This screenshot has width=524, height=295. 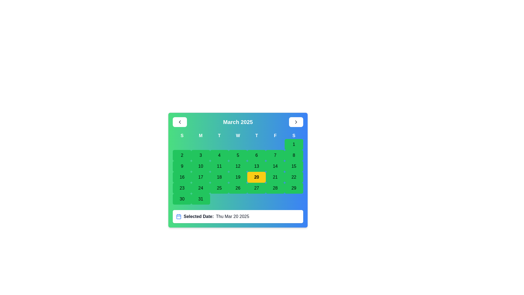 What do you see at coordinates (182, 177) in the screenshot?
I see `the green rectangular button with rounded corners containing the number '16' in black text, located in the second row and fourth column of the calendar grid for March 2025 to trigger hover effects` at bounding box center [182, 177].